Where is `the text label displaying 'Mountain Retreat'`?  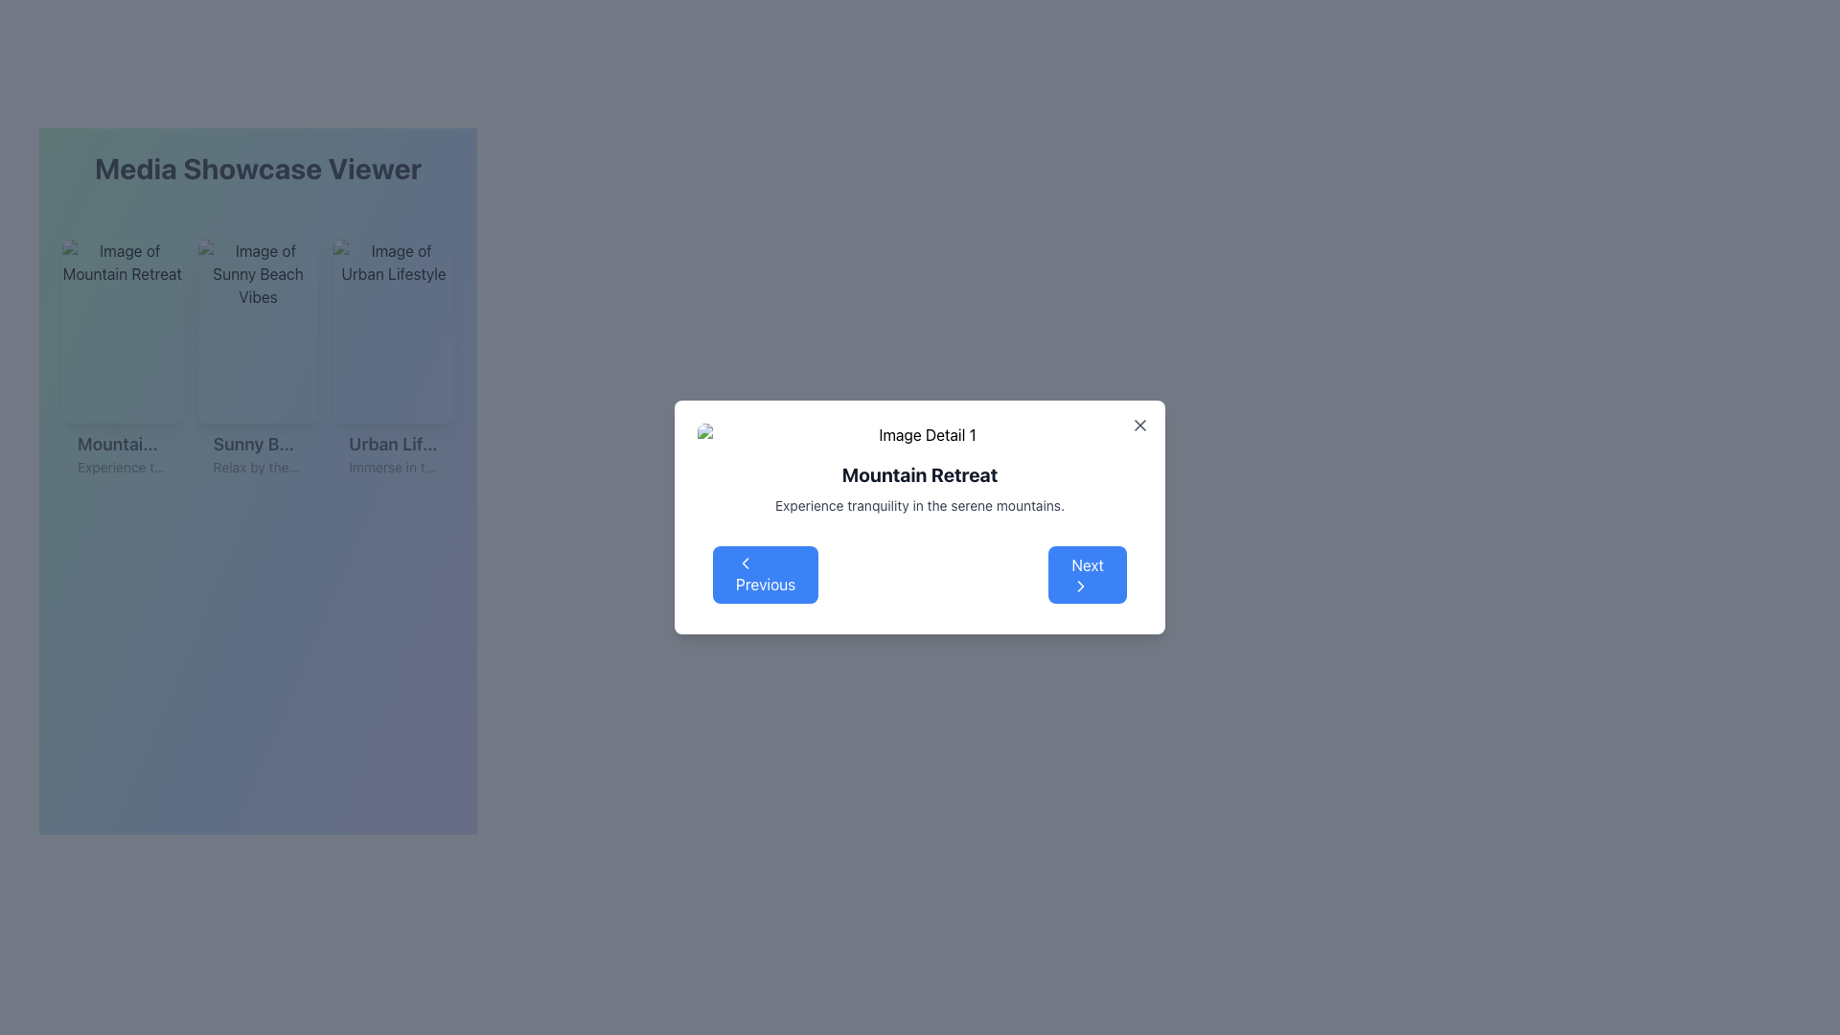
the text label displaying 'Mountain Retreat' is located at coordinates (920, 474).